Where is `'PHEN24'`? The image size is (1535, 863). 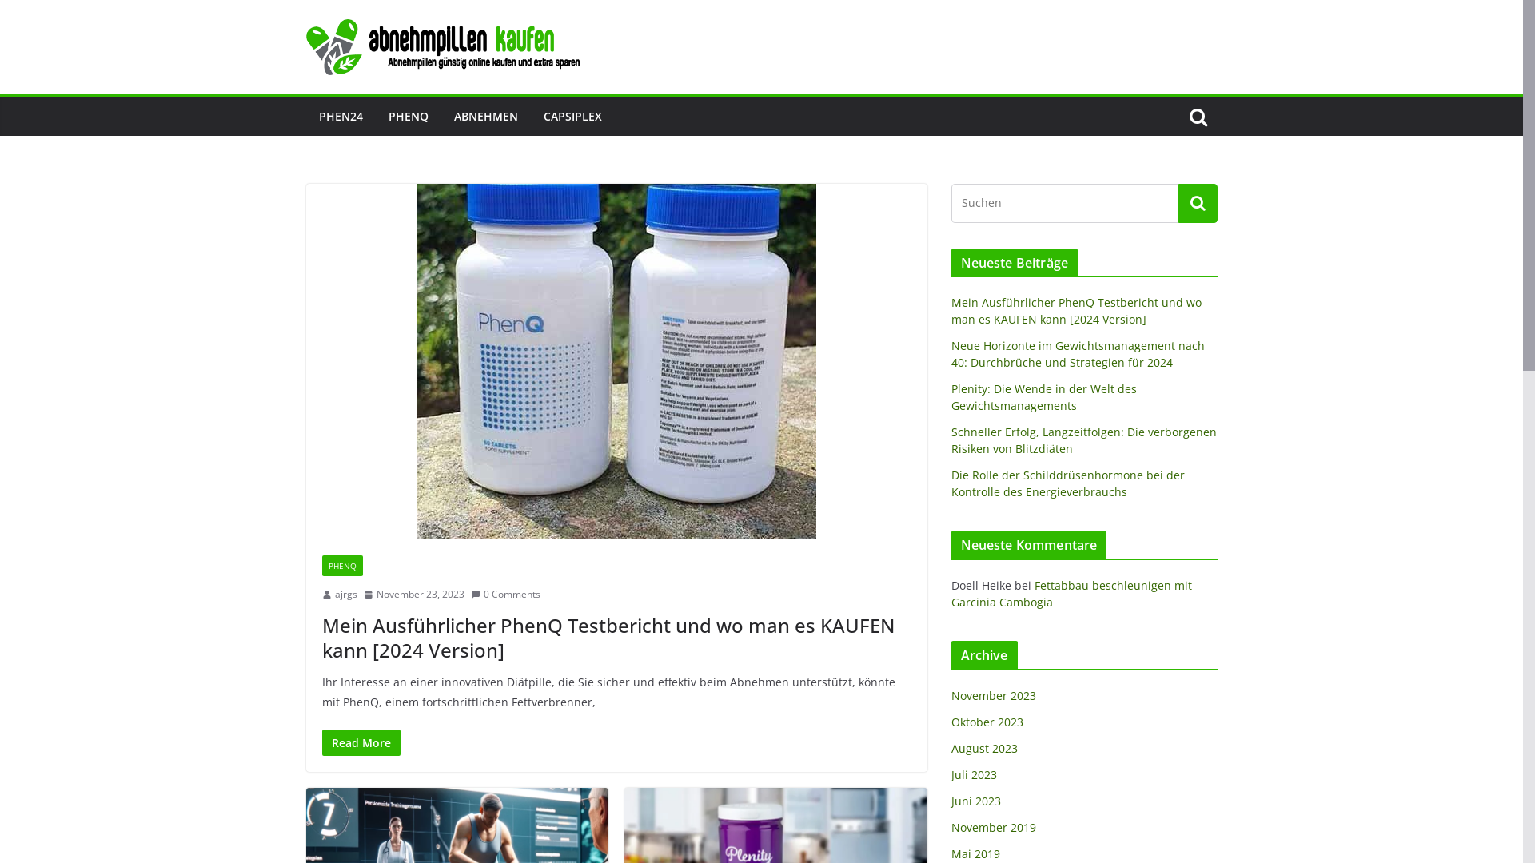 'PHEN24' is located at coordinates (339, 116).